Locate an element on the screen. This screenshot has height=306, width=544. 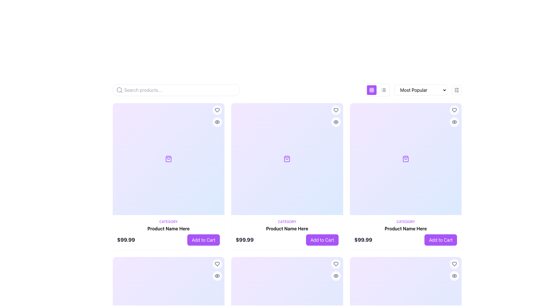
the search icon represented by a magnifying glass located at the left end of the search input field is located at coordinates (119, 90).